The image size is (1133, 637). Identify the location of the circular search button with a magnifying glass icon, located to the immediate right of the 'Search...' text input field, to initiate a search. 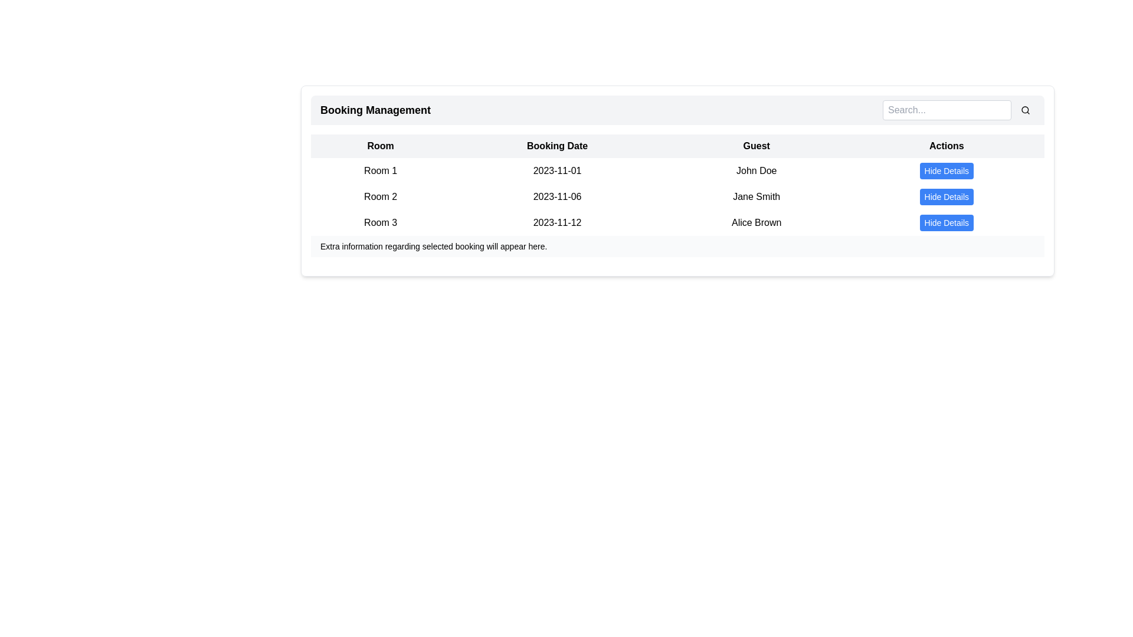
(1024, 110).